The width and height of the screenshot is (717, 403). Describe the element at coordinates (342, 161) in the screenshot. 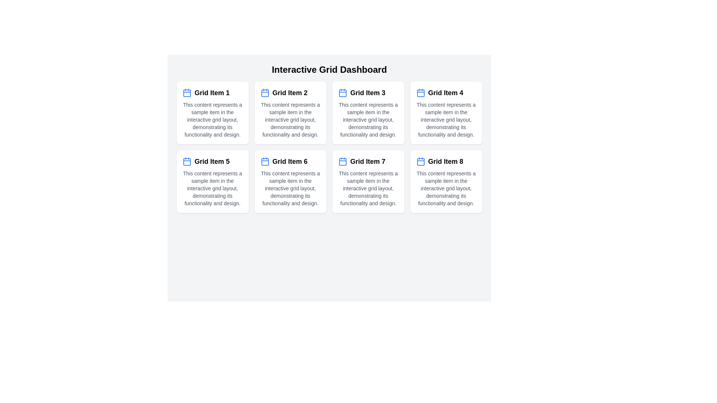

I see `the blue calendar icon located in the header of 'Grid Item 7', which is positioned in the second row and third column of the grid layout` at that location.